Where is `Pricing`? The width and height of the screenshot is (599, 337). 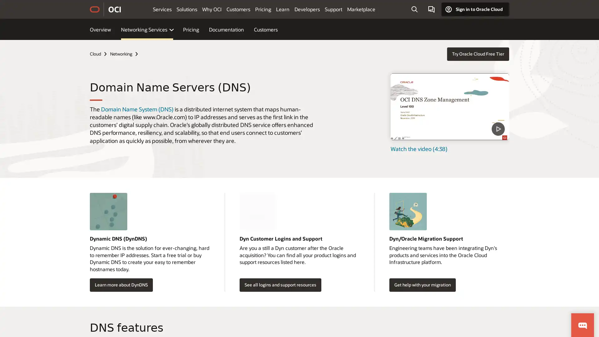
Pricing is located at coordinates (263, 9).